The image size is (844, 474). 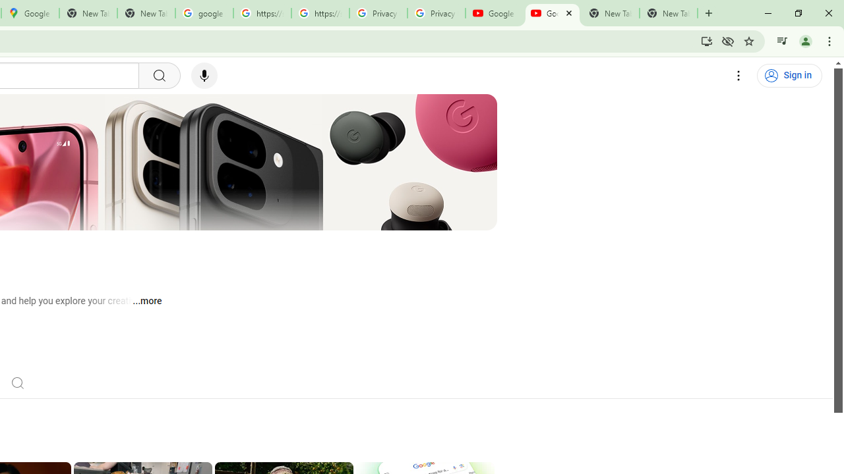 I want to click on 'Search', so click(x=17, y=382).